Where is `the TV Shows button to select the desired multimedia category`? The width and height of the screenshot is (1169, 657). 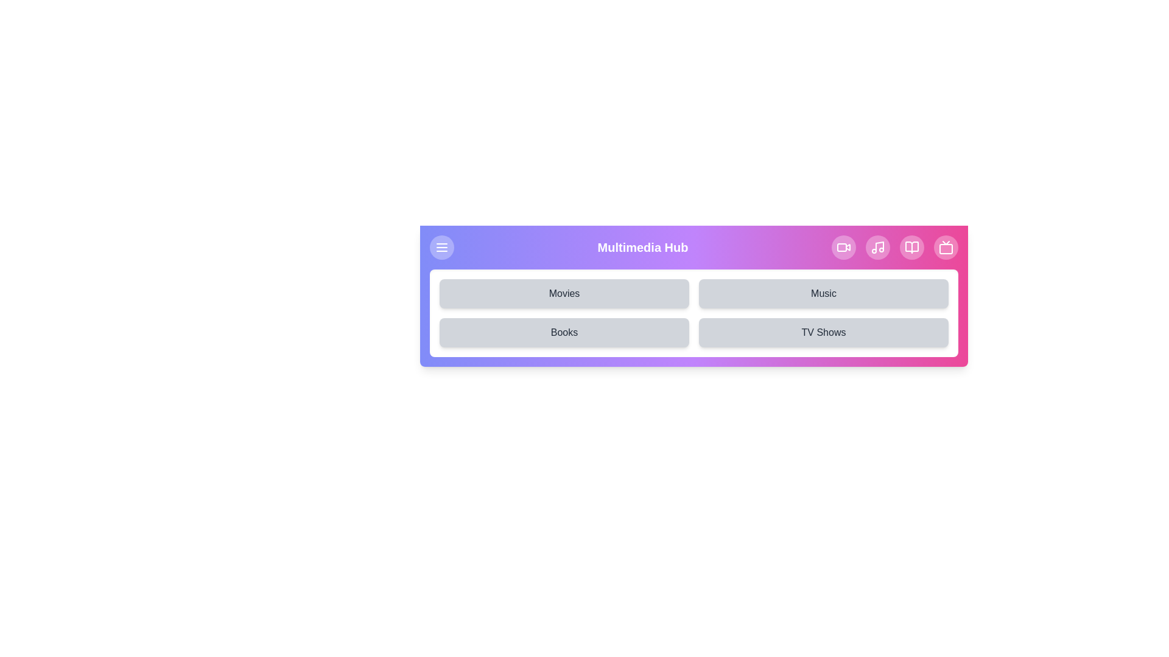 the TV Shows button to select the desired multimedia category is located at coordinates (824, 333).